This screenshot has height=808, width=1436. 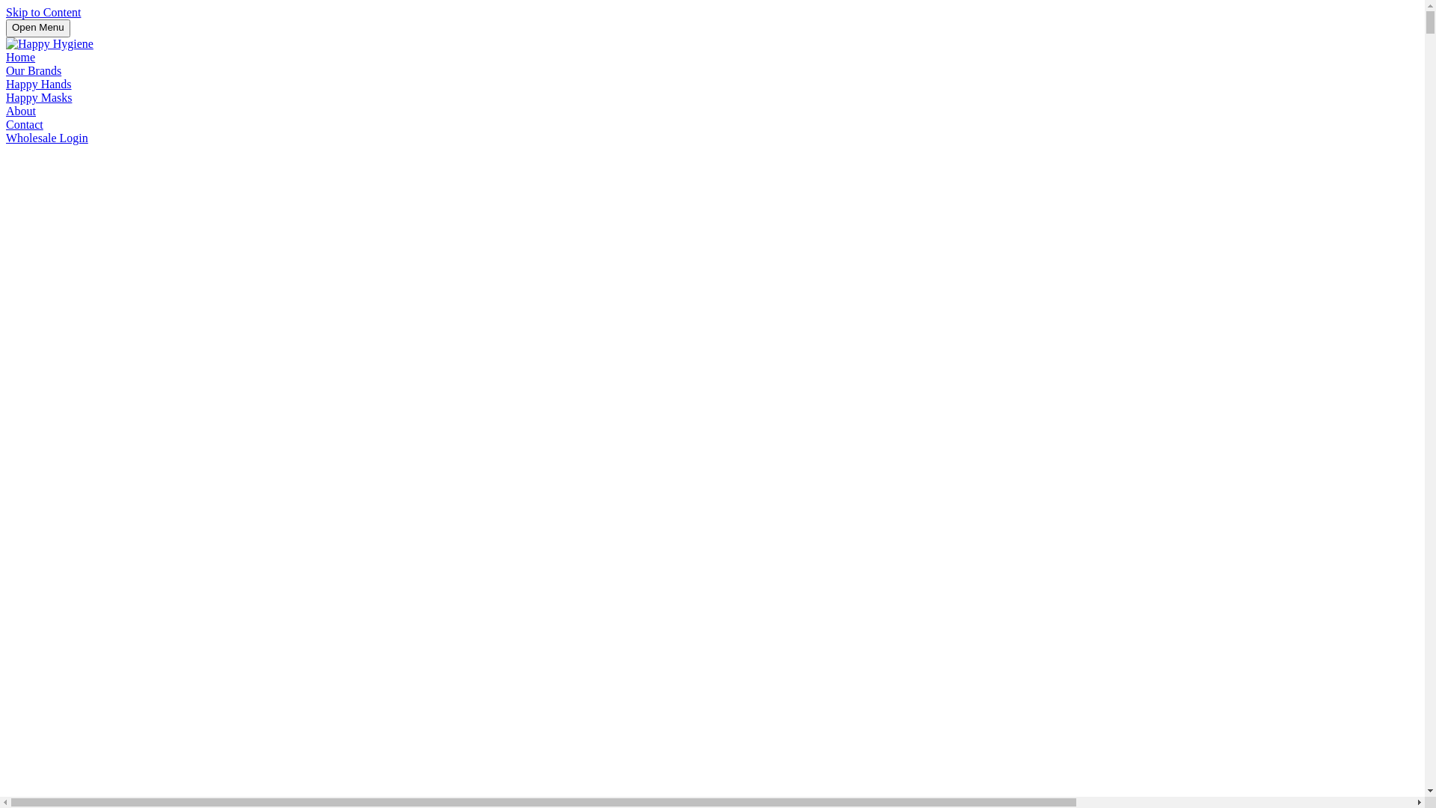 I want to click on 'Open Menu', so click(x=38, y=28).